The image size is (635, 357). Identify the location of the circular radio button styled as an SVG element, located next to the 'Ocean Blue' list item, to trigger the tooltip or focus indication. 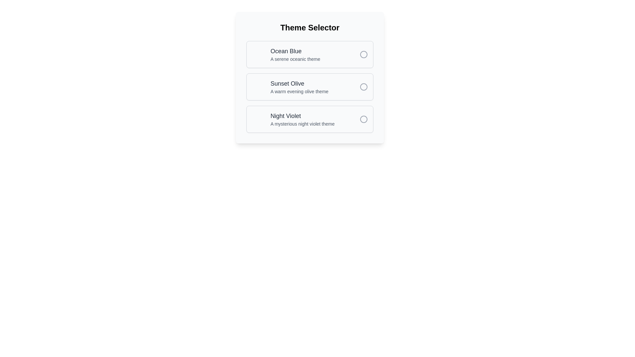
(363, 54).